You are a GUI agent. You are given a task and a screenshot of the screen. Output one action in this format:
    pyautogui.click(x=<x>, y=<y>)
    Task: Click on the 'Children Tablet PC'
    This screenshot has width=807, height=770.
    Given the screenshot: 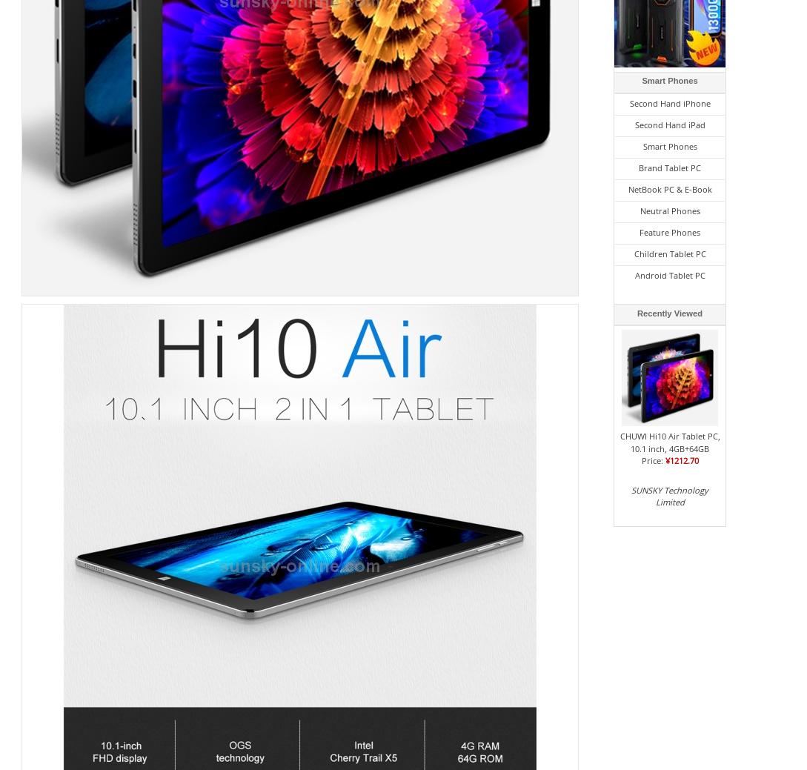 What is the action you would take?
    pyautogui.click(x=633, y=253)
    